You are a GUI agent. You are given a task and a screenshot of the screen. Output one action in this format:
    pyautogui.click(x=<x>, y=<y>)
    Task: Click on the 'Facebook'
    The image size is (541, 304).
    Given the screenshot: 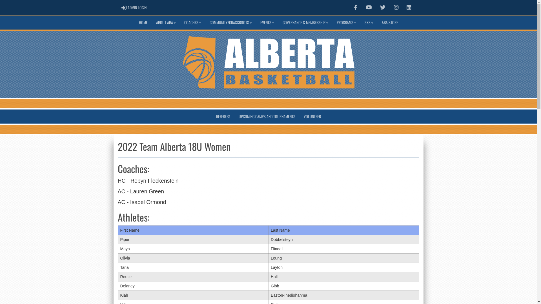 What is the action you would take?
    pyautogui.click(x=355, y=8)
    